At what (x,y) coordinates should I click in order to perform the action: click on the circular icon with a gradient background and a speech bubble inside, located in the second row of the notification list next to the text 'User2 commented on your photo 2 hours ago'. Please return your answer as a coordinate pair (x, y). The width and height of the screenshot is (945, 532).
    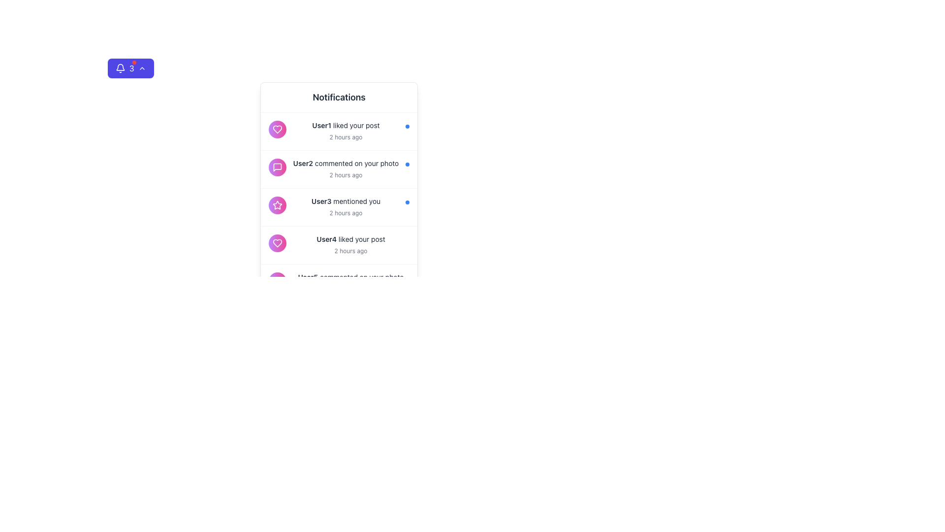
    Looking at the image, I should click on (277, 166).